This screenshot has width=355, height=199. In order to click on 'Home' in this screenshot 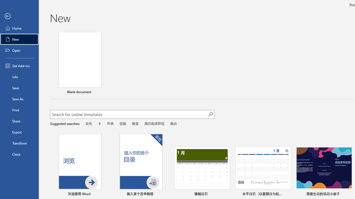, I will do `click(19, 28)`.